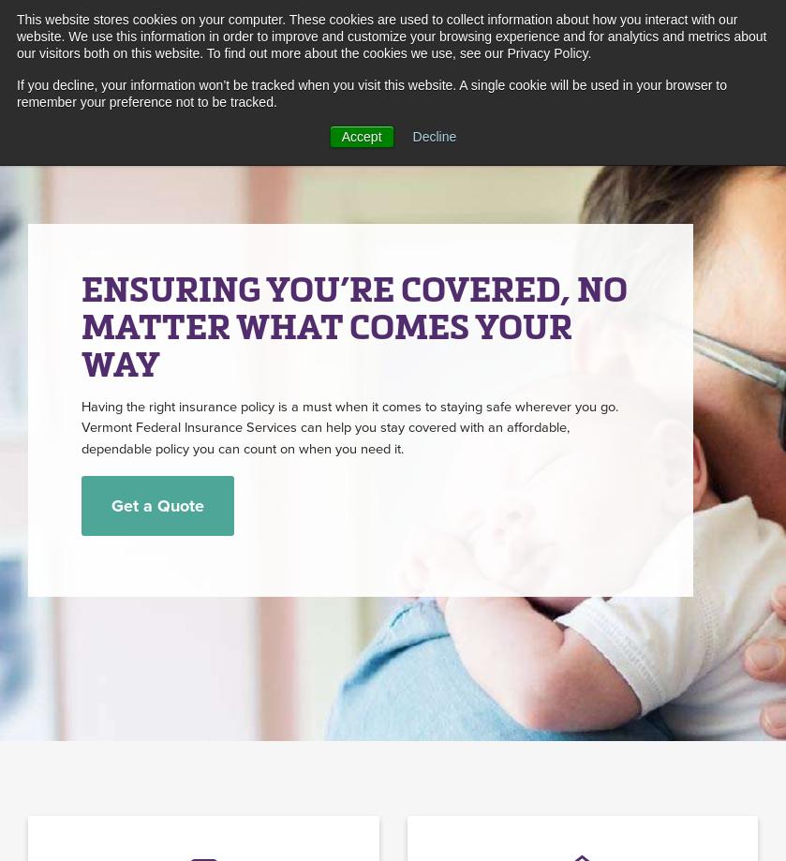 The image size is (786, 861). Describe the element at coordinates (433, 136) in the screenshot. I see `'Decline'` at that location.